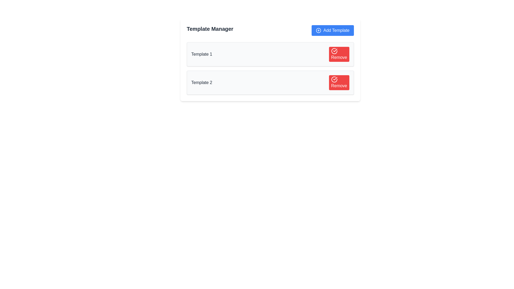  What do you see at coordinates (339, 82) in the screenshot?
I see `the 'Remove' button with a red background and white text reading 'Remove'` at bounding box center [339, 82].